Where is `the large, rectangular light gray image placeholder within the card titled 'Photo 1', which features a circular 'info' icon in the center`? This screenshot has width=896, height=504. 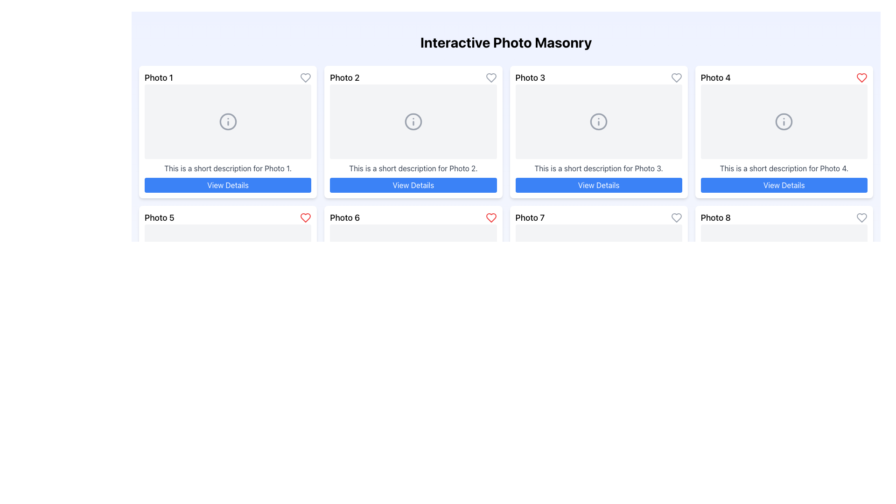 the large, rectangular light gray image placeholder within the card titled 'Photo 1', which features a circular 'info' icon in the center is located at coordinates (228, 121).